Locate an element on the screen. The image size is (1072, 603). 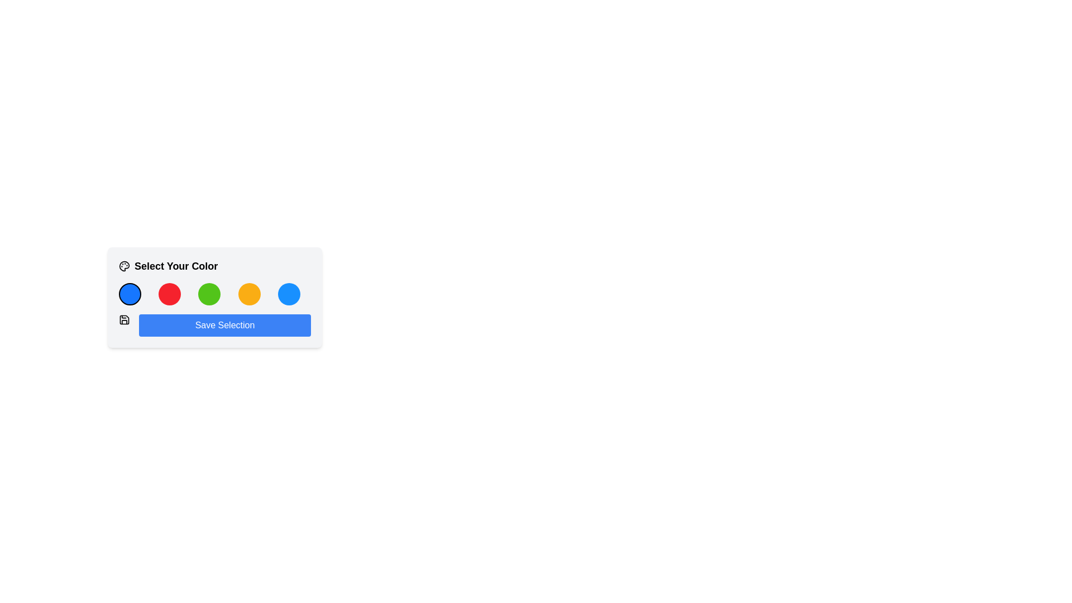
the prominent blue button labeled 'Save Selection' is located at coordinates (214, 310).